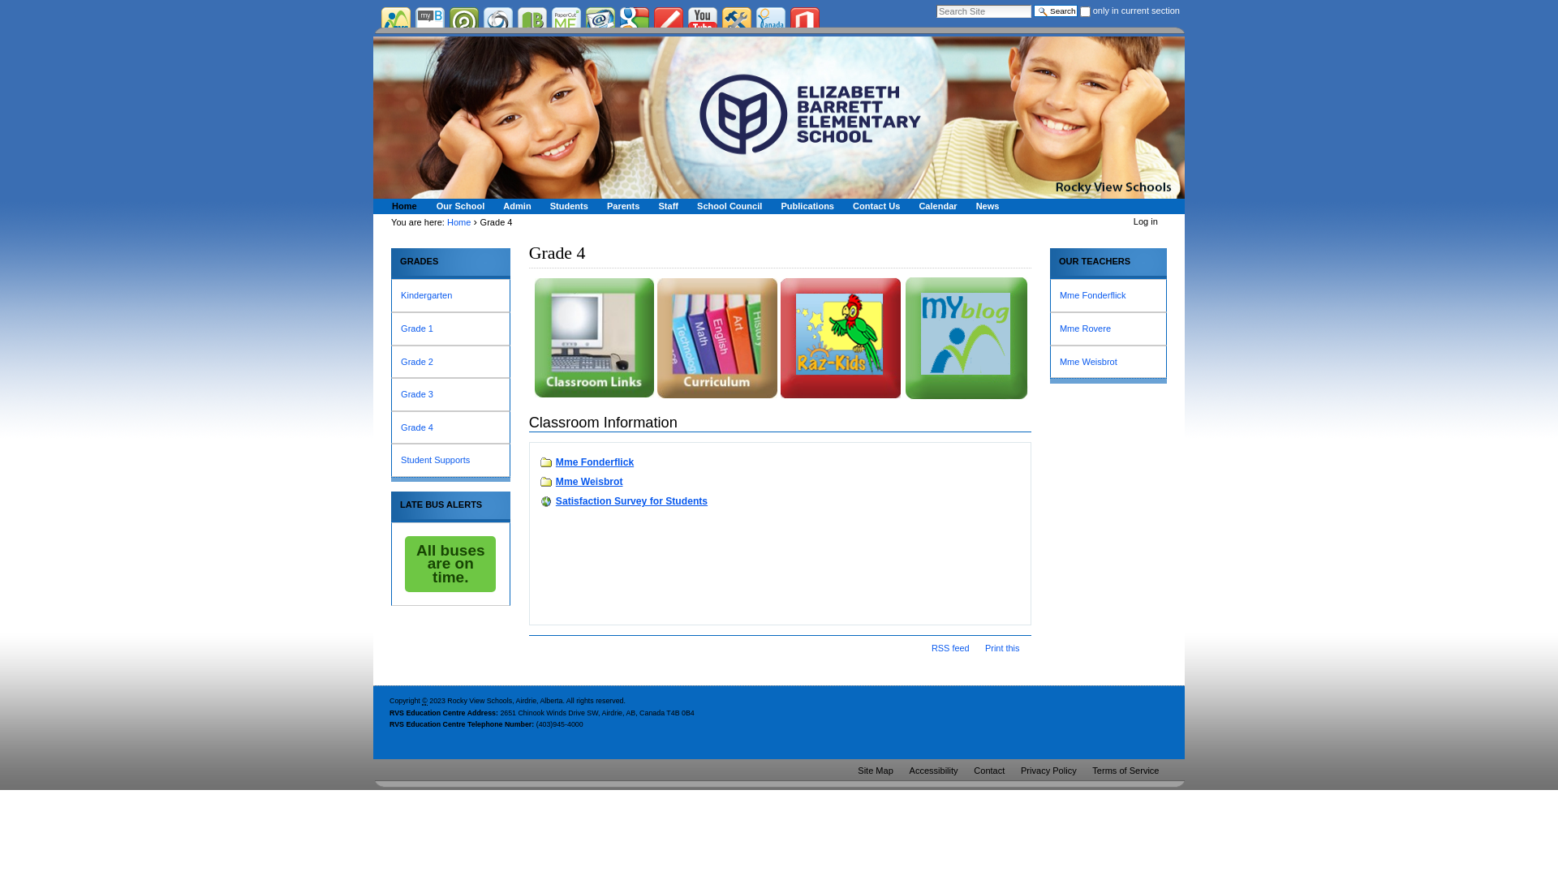 The image size is (1558, 876). I want to click on 'Satisfaction Survey for Students', so click(622, 500).